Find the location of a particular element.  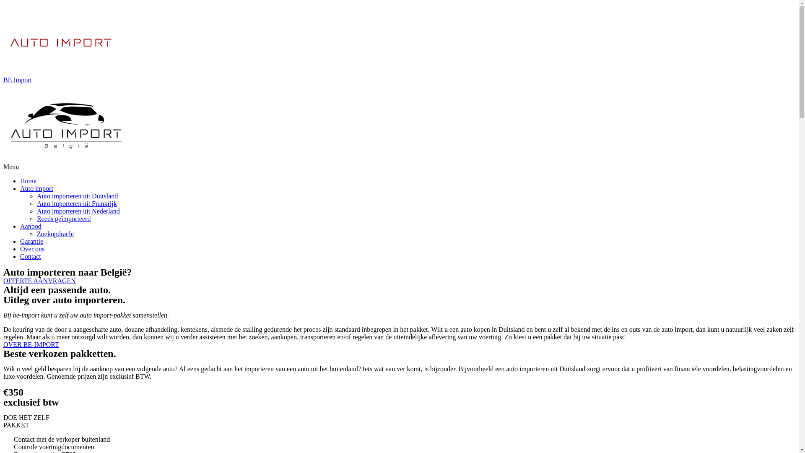

'Auto importeren uit Nederland' is located at coordinates (78, 211).